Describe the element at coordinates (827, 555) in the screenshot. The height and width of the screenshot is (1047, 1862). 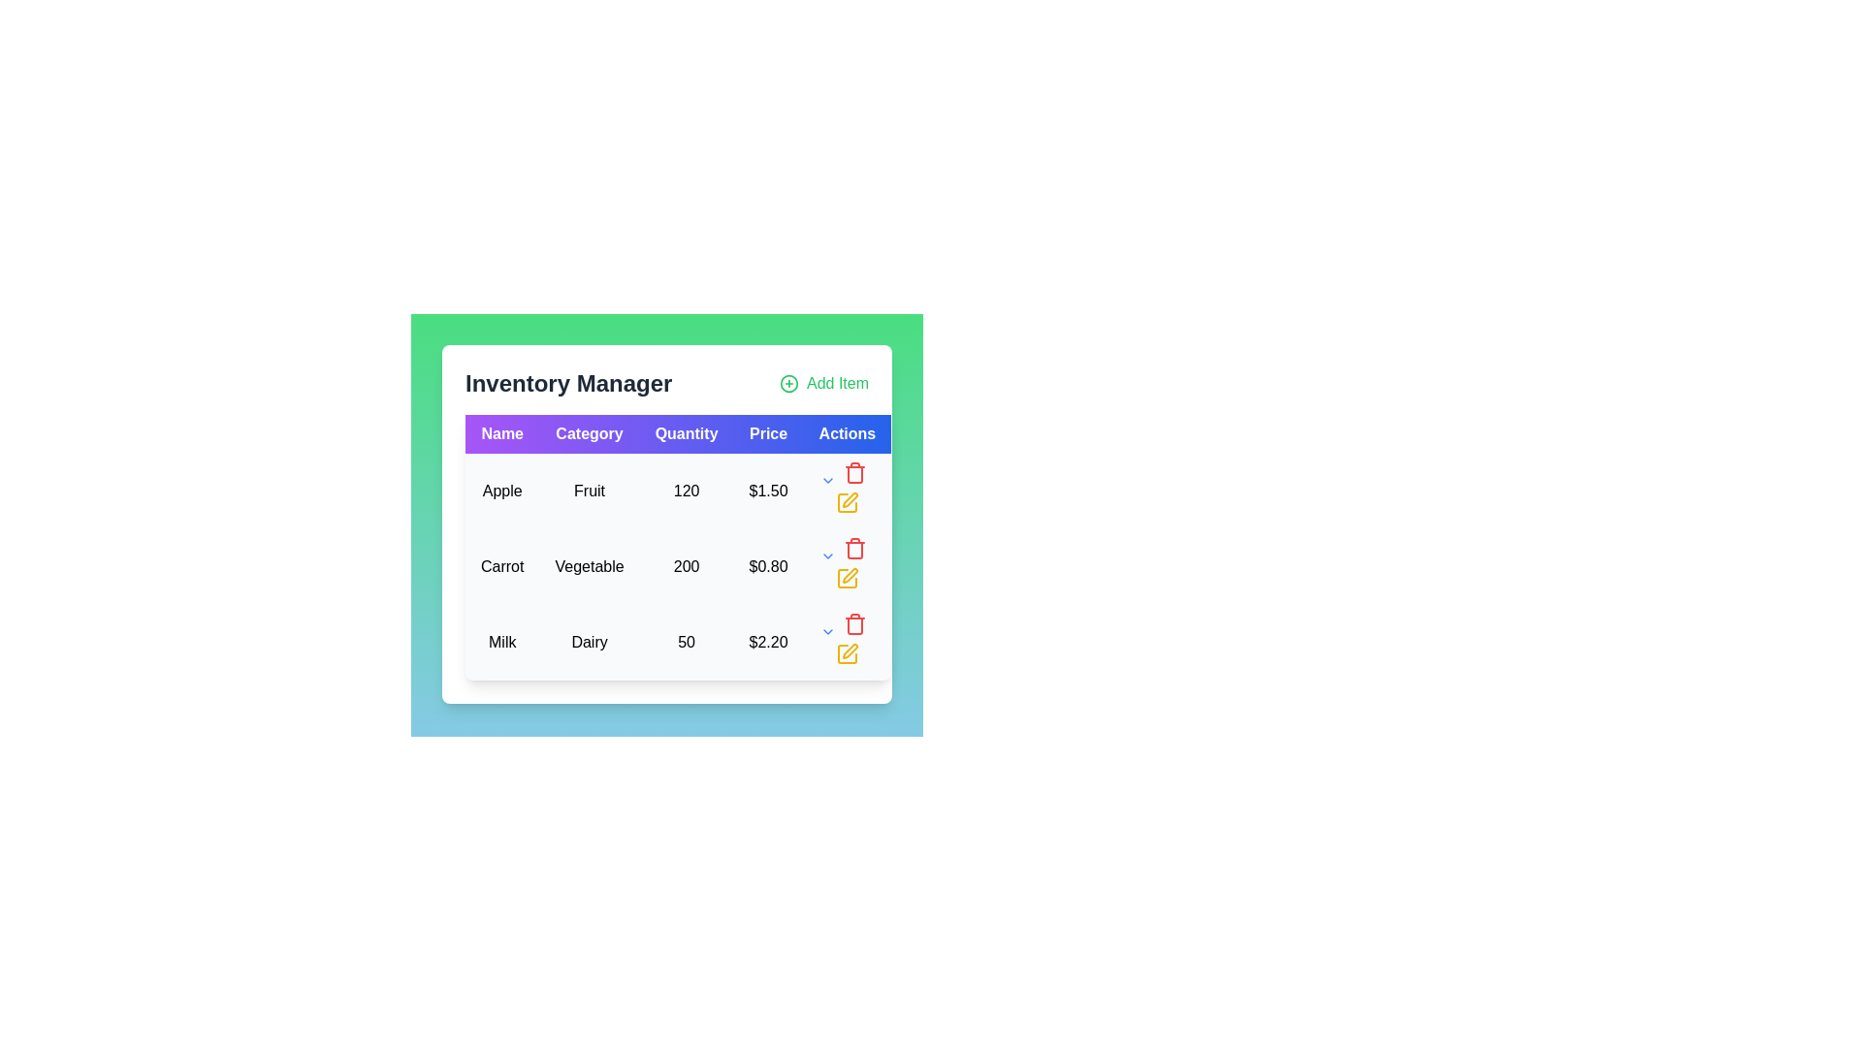
I see `the downward-facing blue arrow icon in the 'Actions' column of the second row in the table to change its color` at that location.